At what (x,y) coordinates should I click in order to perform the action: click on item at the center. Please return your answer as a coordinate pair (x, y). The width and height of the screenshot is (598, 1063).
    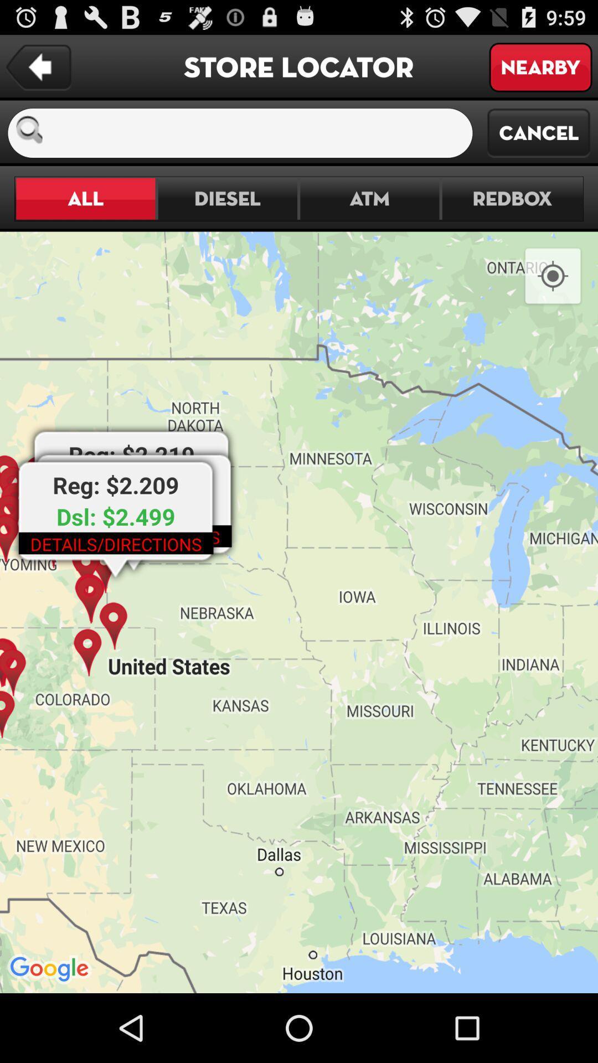
    Looking at the image, I should click on (299, 612).